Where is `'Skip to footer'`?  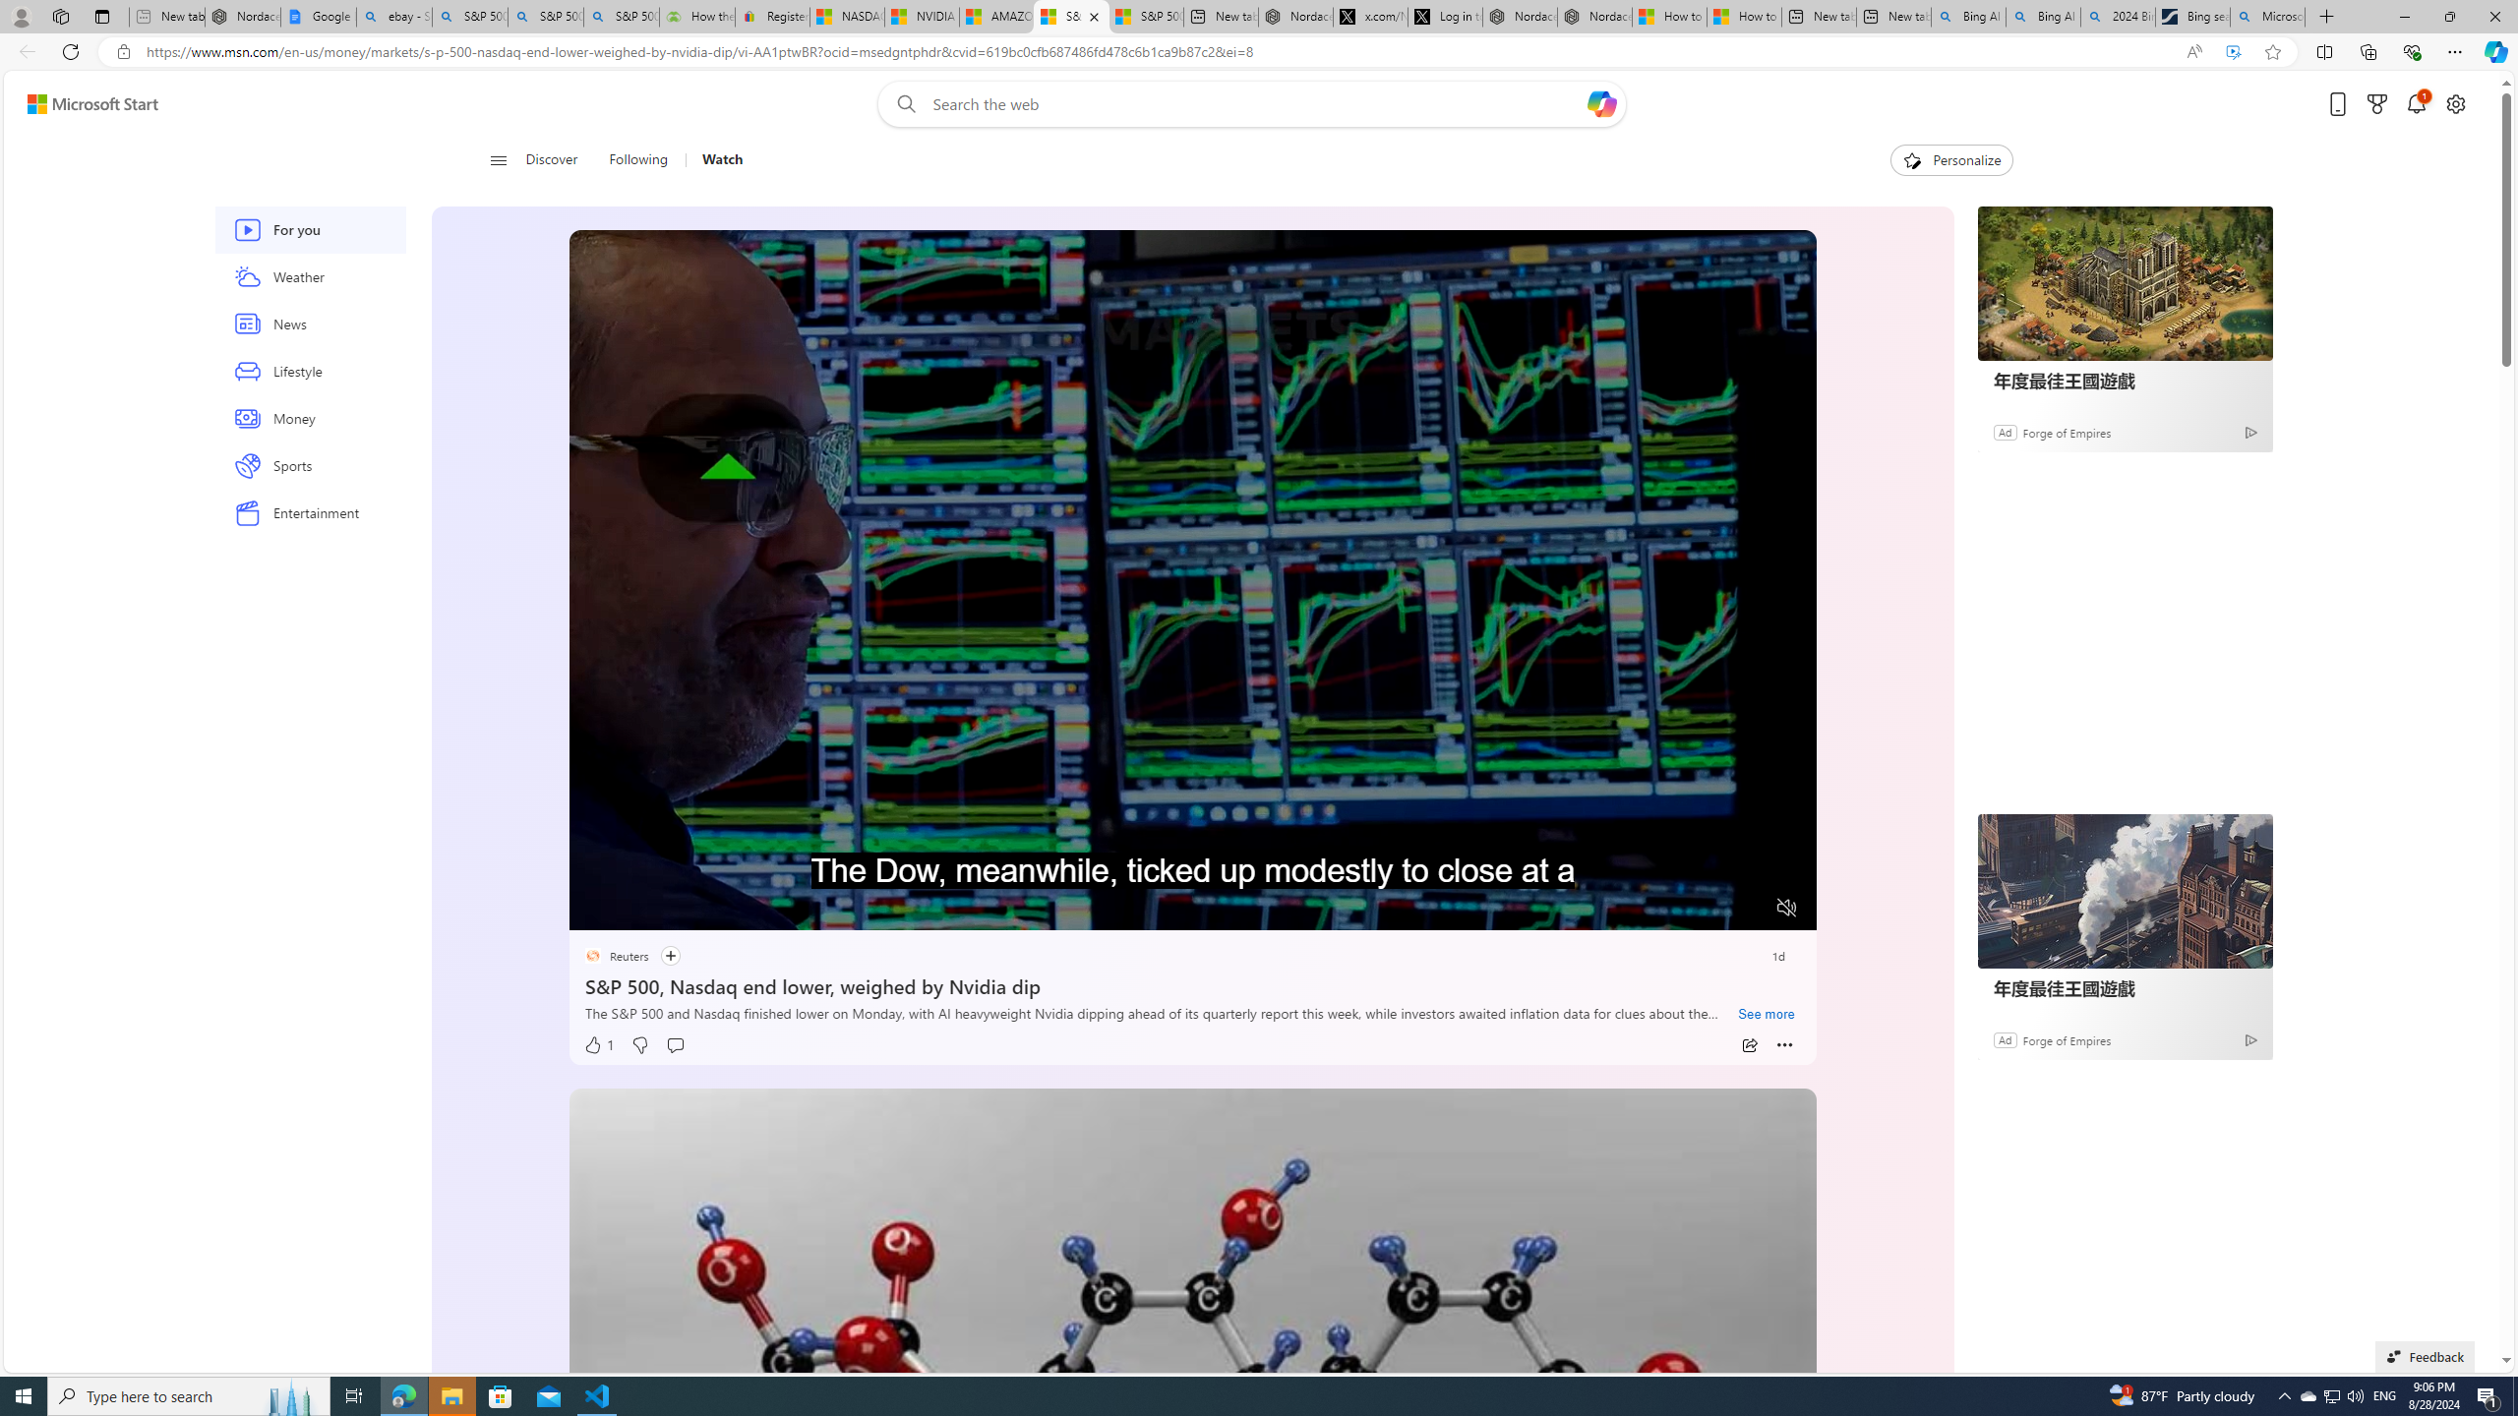
'Skip to footer' is located at coordinates (80, 102).